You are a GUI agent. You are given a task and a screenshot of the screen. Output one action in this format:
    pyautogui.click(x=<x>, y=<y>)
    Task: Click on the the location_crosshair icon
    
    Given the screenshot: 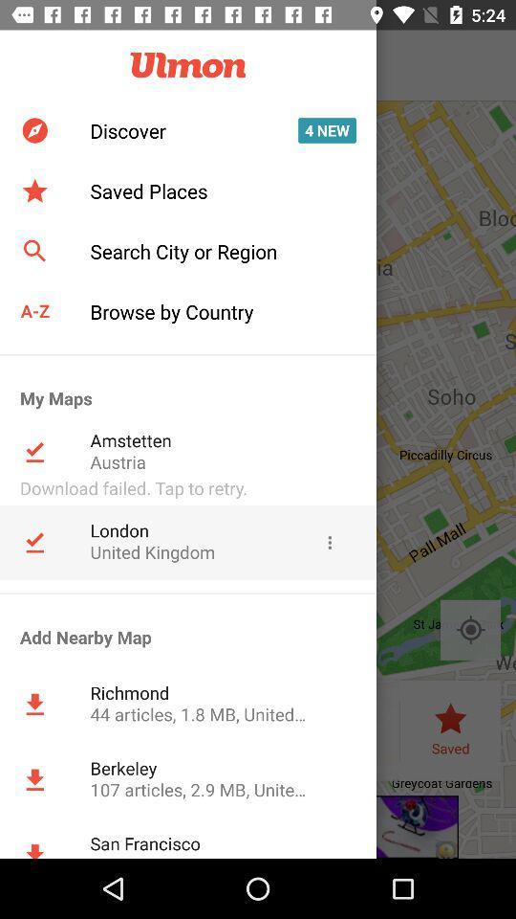 What is the action you would take?
    pyautogui.click(x=469, y=629)
    